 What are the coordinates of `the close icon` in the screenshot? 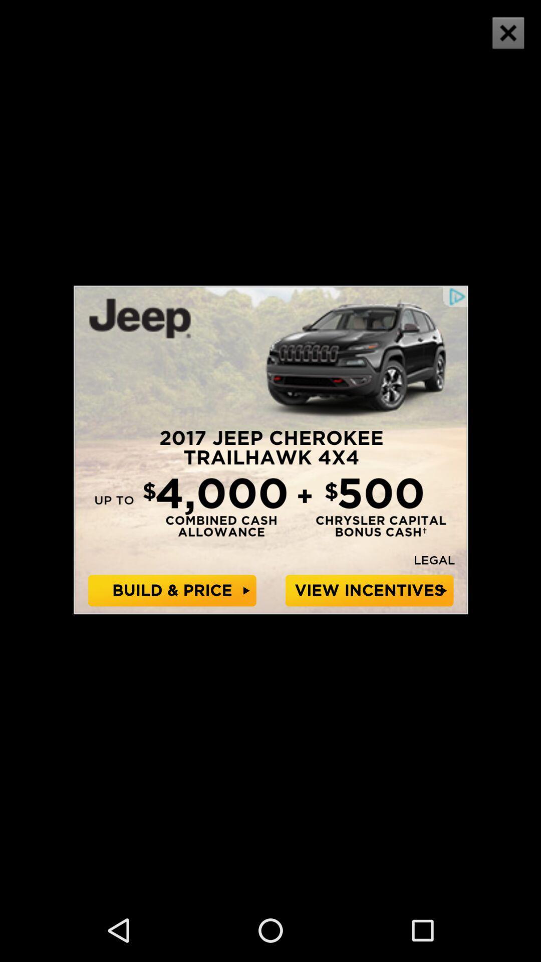 It's located at (508, 35).